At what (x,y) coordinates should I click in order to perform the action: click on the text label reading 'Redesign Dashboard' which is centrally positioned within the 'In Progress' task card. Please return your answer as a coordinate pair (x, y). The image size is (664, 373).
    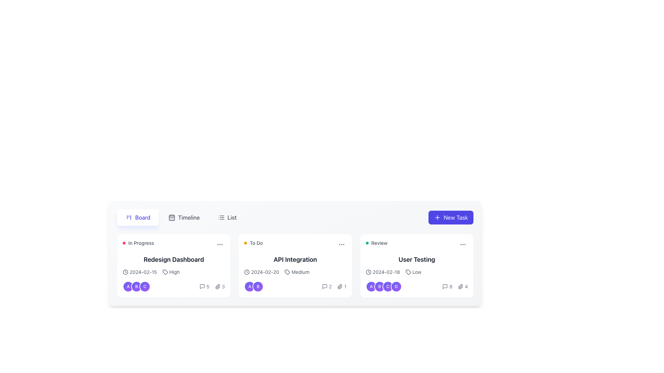
    Looking at the image, I should click on (174, 260).